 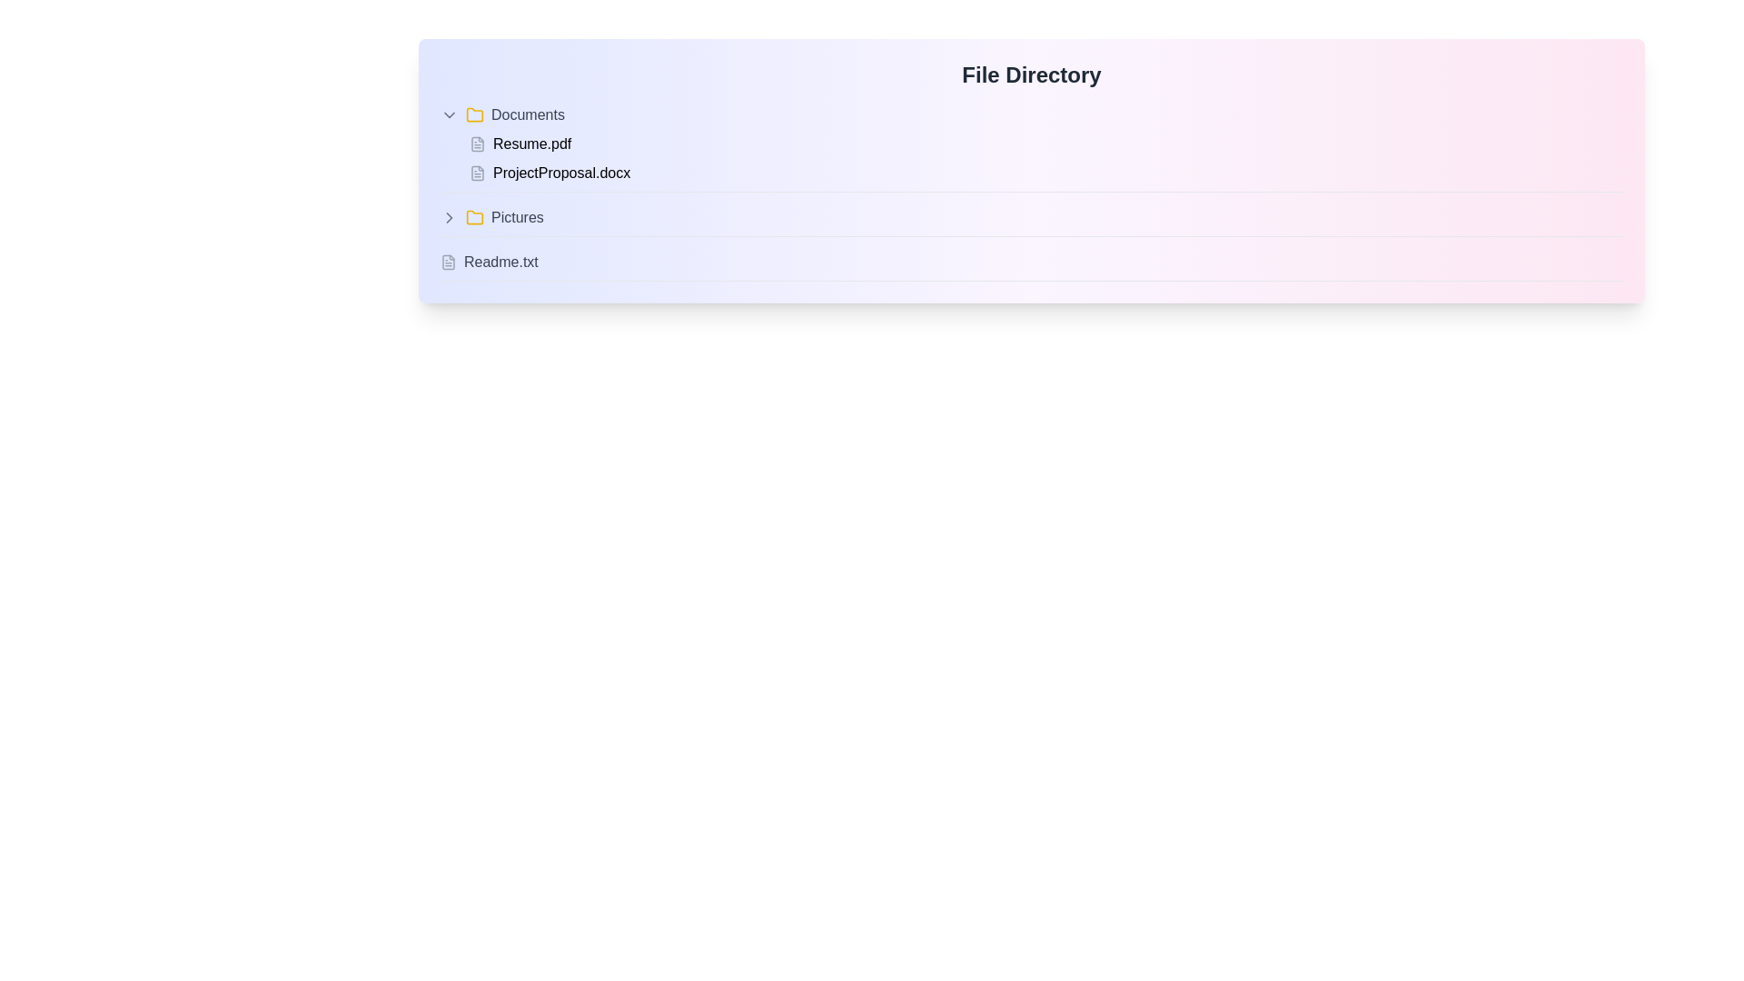 I want to click on the small right-pointing chevron icon located before the 'Pictures' text, so click(x=449, y=216).